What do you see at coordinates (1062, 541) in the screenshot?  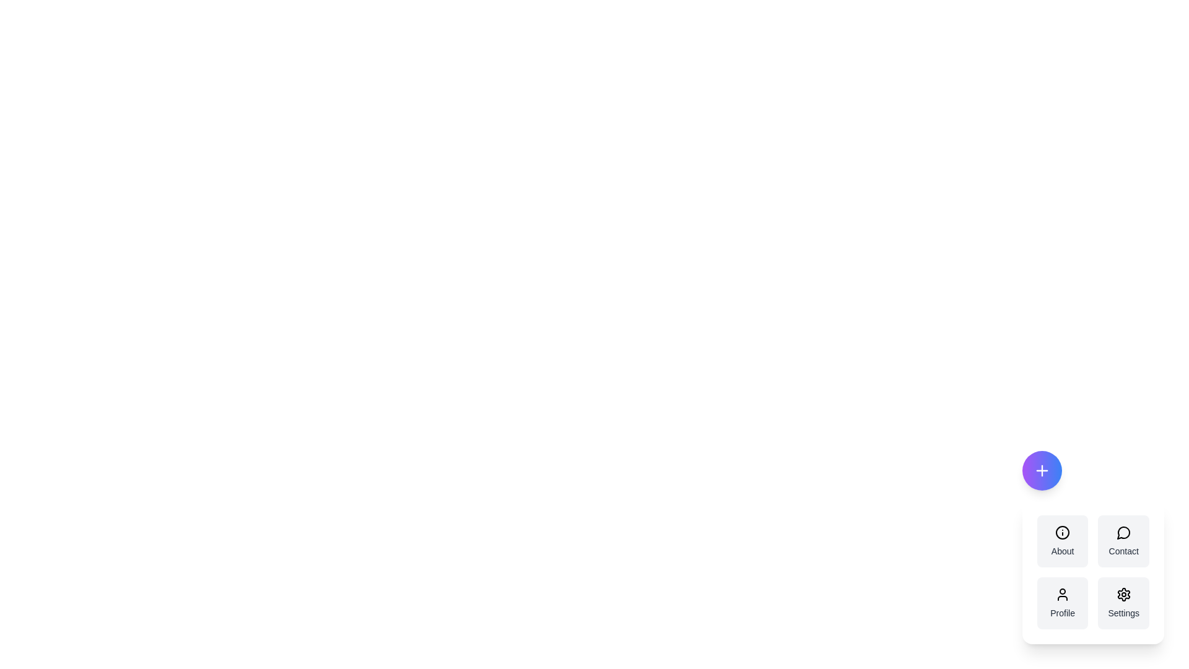 I see `the menu option About` at bounding box center [1062, 541].